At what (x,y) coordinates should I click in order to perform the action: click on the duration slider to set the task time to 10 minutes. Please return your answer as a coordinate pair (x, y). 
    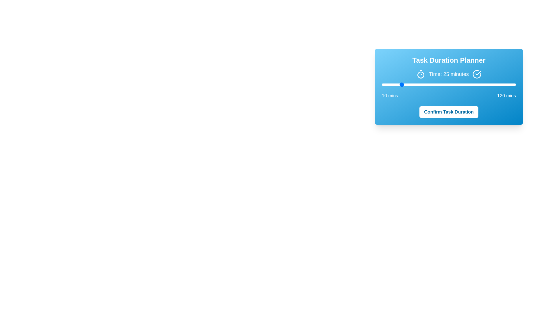
    Looking at the image, I should click on (382, 85).